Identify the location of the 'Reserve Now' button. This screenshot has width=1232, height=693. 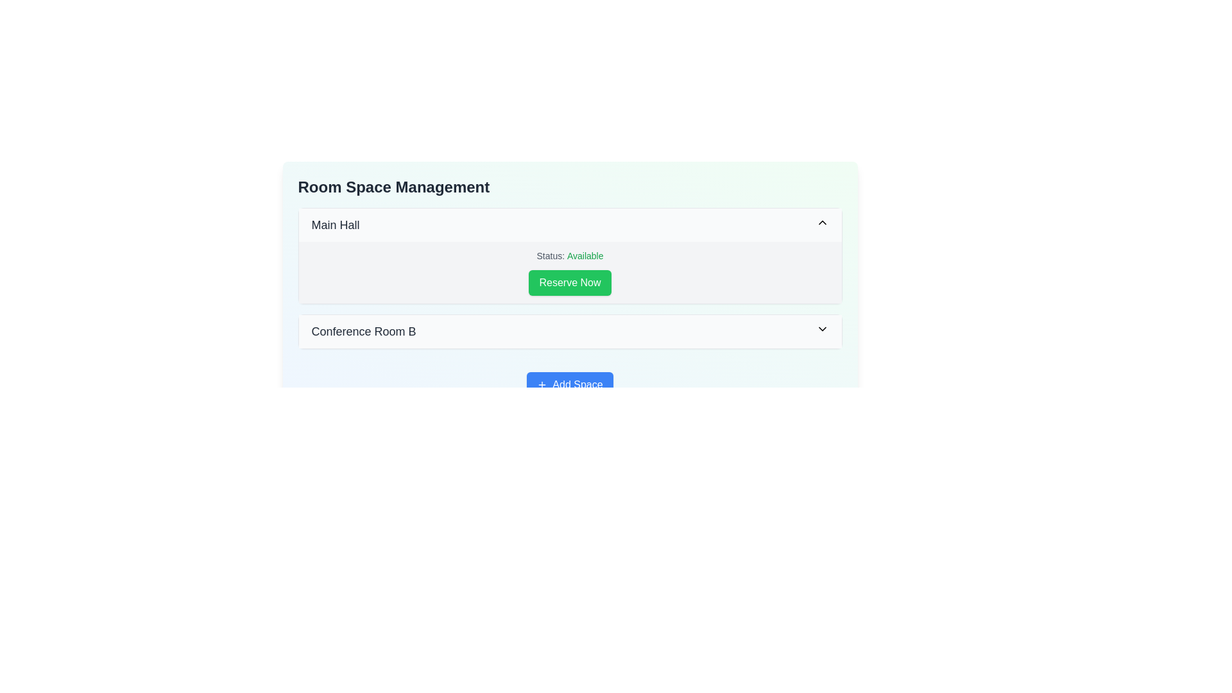
(569, 282).